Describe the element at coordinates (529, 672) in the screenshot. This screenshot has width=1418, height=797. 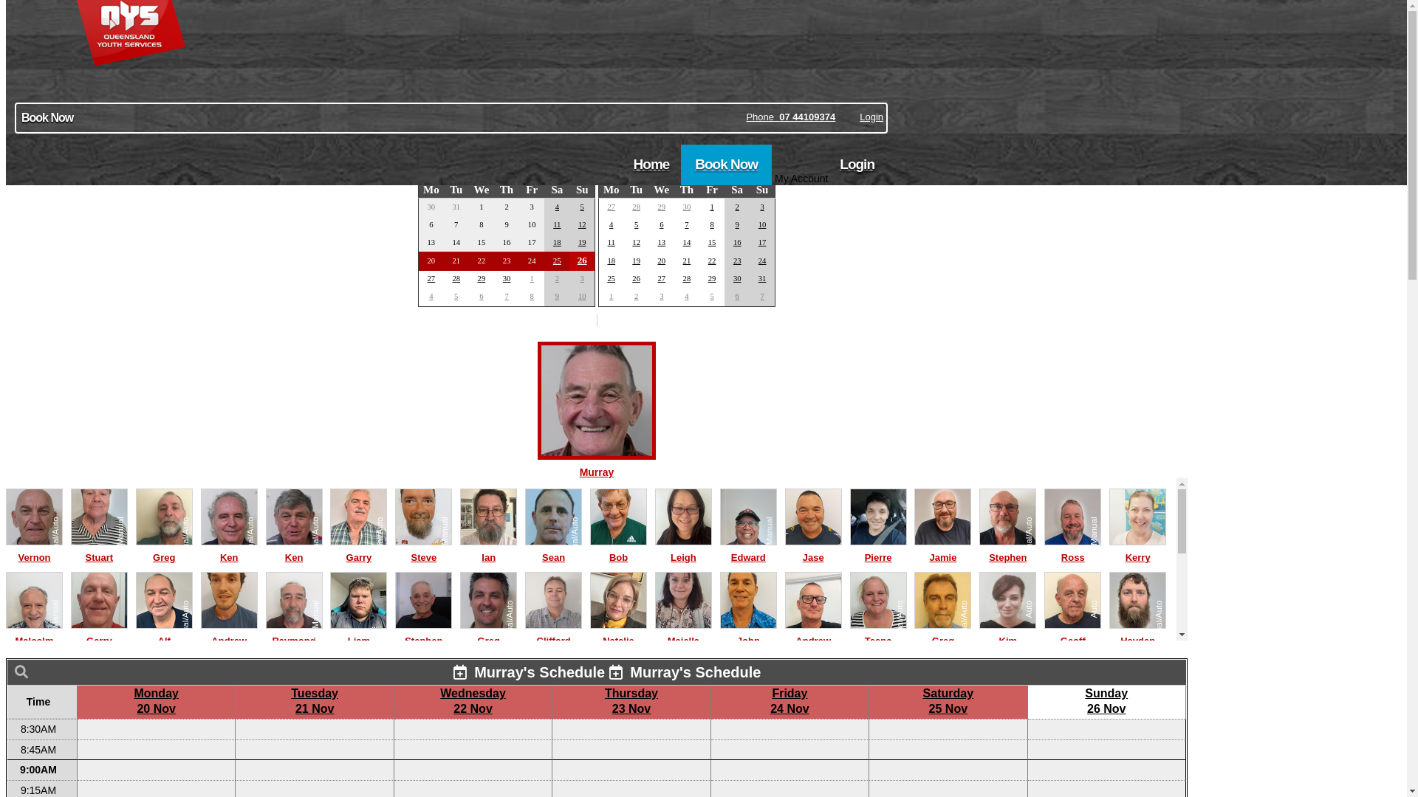
I see `'Murray's Schedule'` at that location.